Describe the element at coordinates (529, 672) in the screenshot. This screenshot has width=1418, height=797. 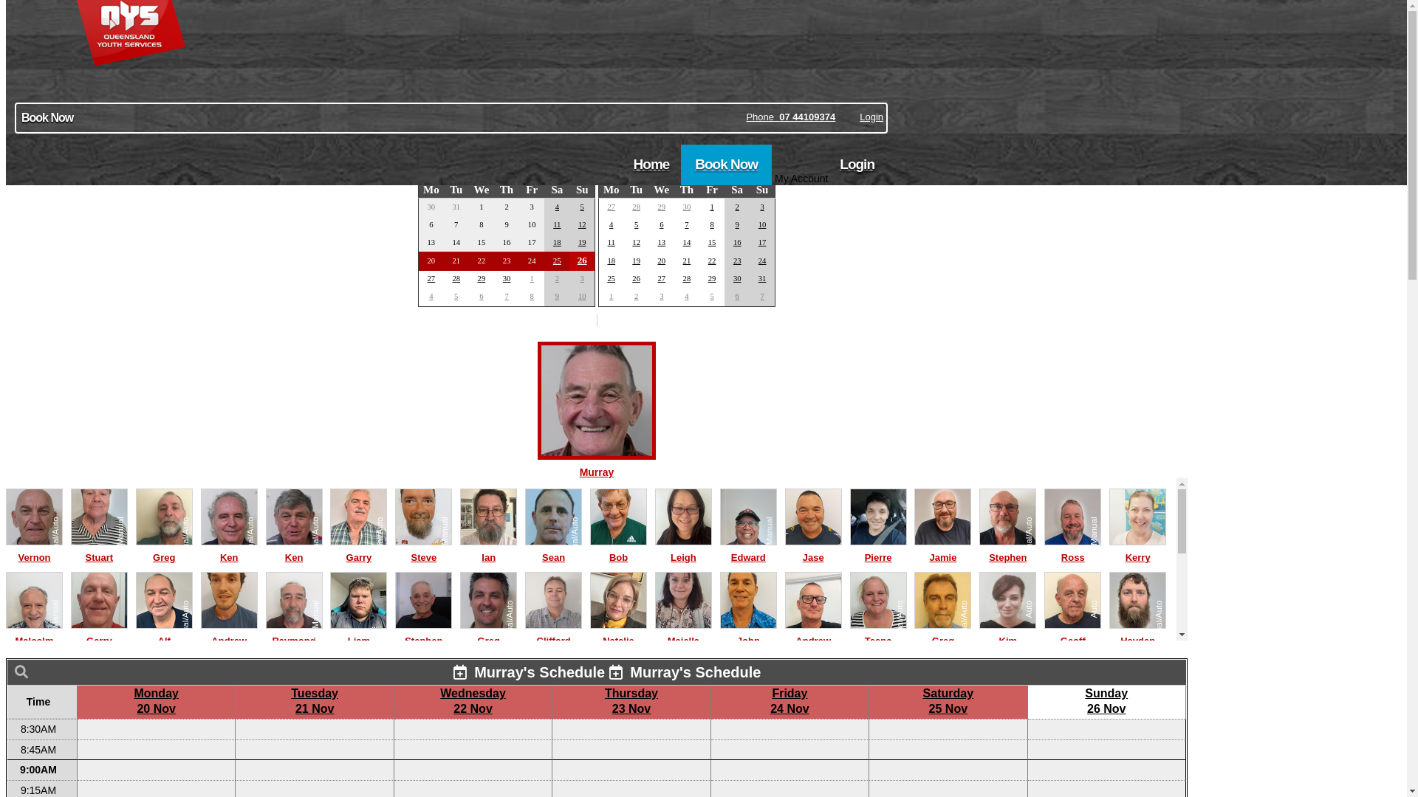
I see `'Murray's Schedule'` at that location.